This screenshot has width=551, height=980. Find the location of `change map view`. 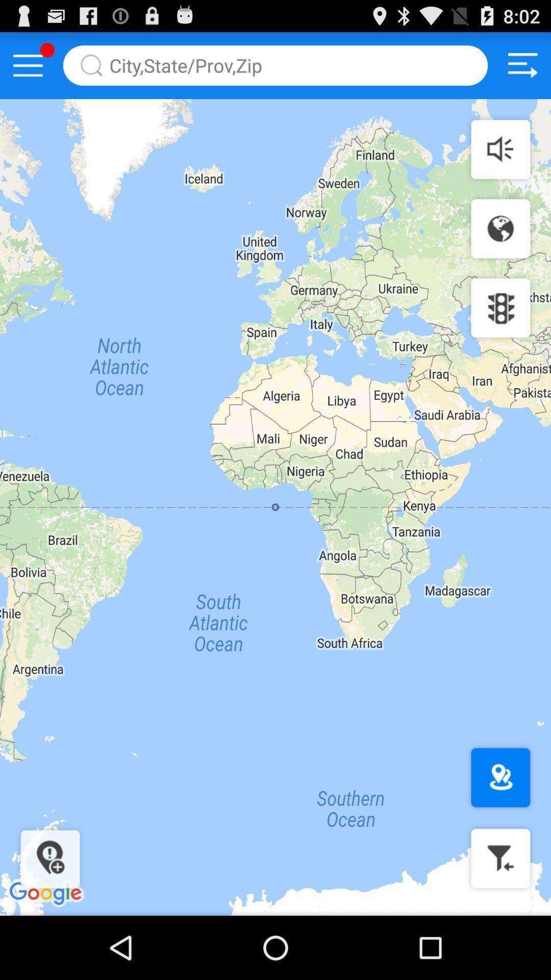

change map view is located at coordinates (500, 228).